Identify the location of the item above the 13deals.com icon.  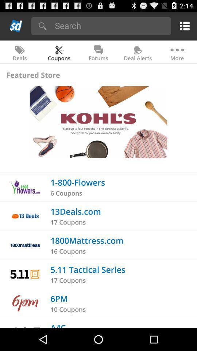
(66, 193).